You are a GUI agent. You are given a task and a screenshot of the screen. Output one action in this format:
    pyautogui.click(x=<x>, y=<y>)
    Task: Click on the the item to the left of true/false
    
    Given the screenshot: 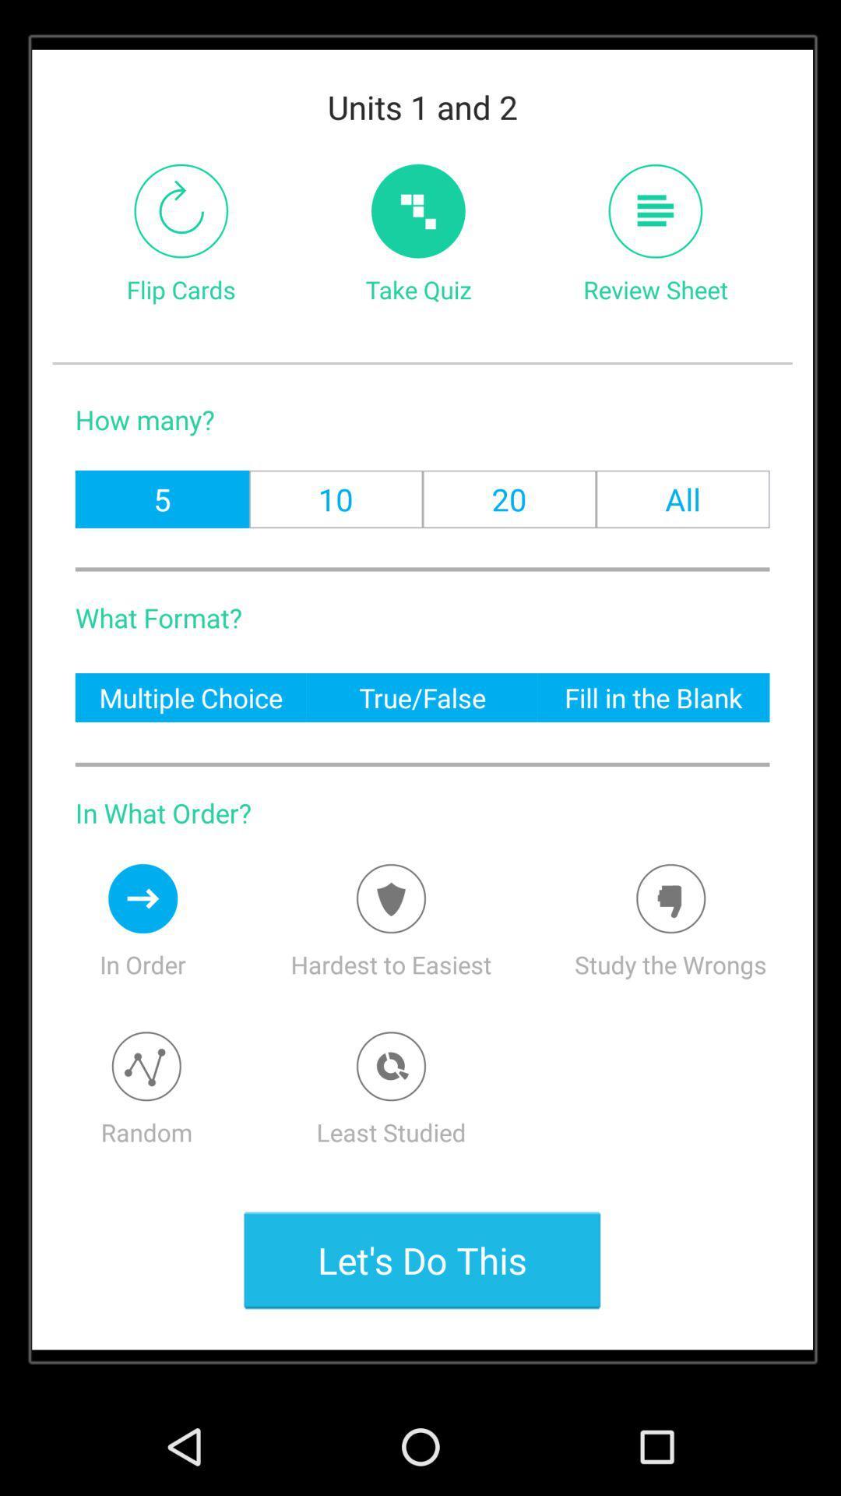 What is the action you would take?
    pyautogui.click(x=190, y=697)
    